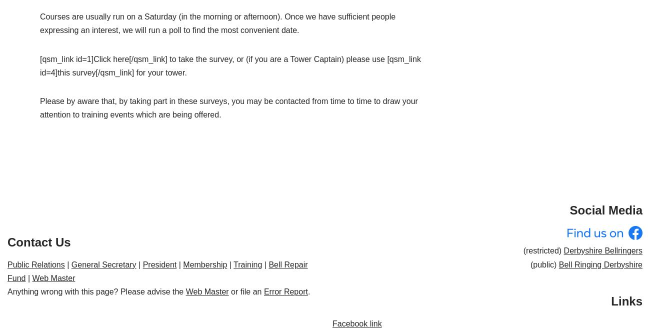  I want to click on 'Contact Us', so click(39, 241).